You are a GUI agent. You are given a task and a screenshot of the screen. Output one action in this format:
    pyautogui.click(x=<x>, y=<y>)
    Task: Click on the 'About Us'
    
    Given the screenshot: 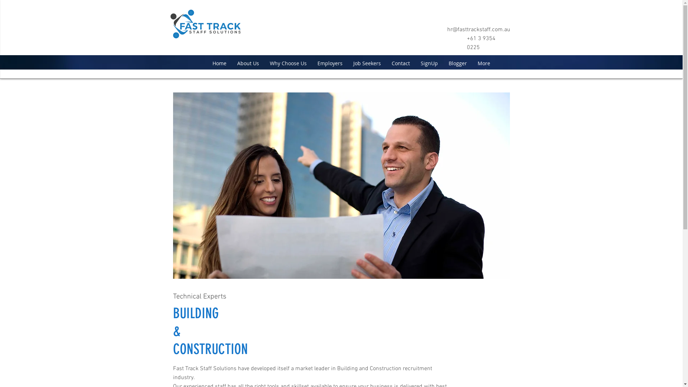 What is the action you would take?
    pyautogui.click(x=248, y=63)
    